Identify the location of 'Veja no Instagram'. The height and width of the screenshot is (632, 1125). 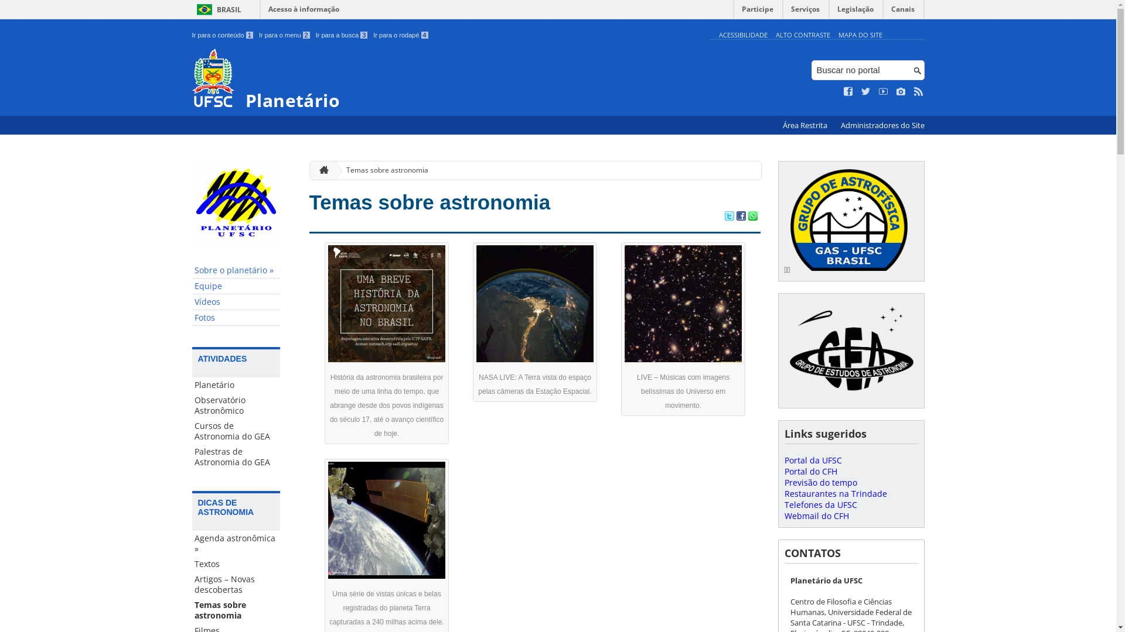
(900, 91).